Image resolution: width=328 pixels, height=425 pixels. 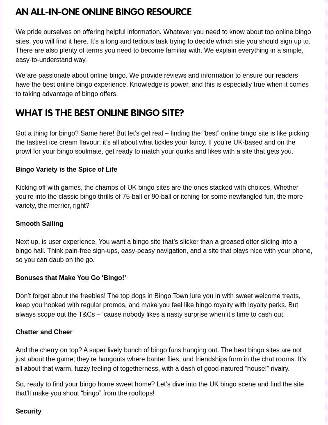 What do you see at coordinates (39, 223) in the screenshot?
I see `'Smooth Sailing'` at bounding box center [39, 223].